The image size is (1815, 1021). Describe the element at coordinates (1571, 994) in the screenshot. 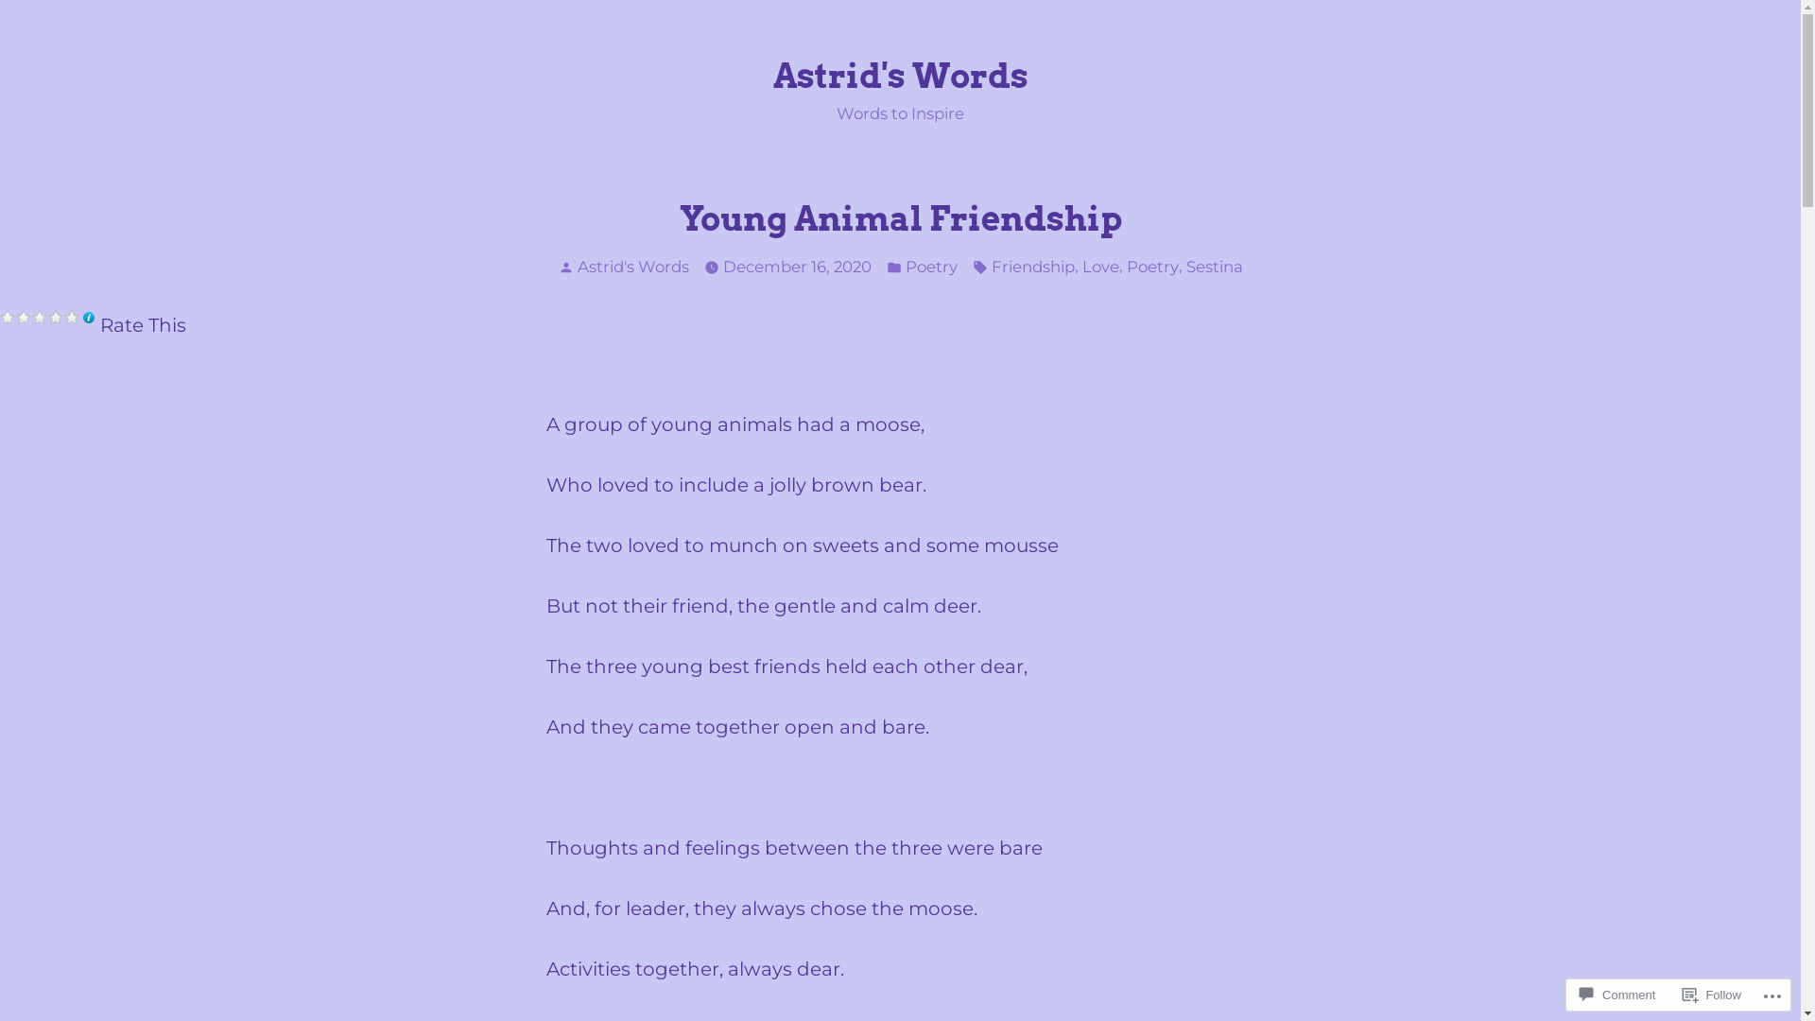

I see `'Comment'` at that location.